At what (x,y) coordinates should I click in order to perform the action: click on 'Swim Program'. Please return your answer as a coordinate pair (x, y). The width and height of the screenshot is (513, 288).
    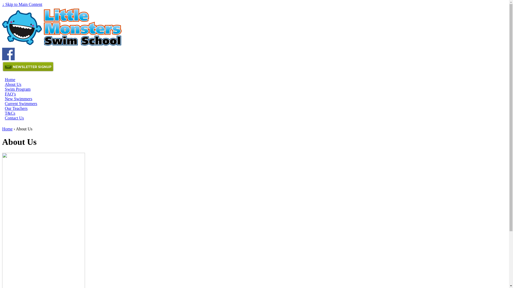
    Looking at the image, I should click on (18, 89).